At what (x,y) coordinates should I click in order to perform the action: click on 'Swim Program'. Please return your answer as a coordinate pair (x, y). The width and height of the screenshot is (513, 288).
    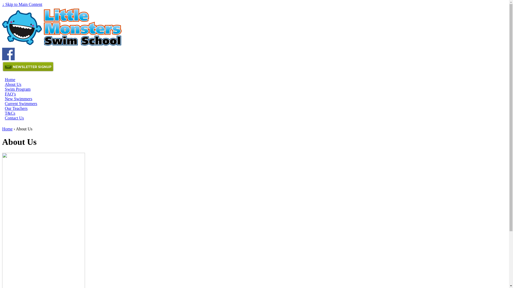
    Looking at the image, I should click on (18, 89).